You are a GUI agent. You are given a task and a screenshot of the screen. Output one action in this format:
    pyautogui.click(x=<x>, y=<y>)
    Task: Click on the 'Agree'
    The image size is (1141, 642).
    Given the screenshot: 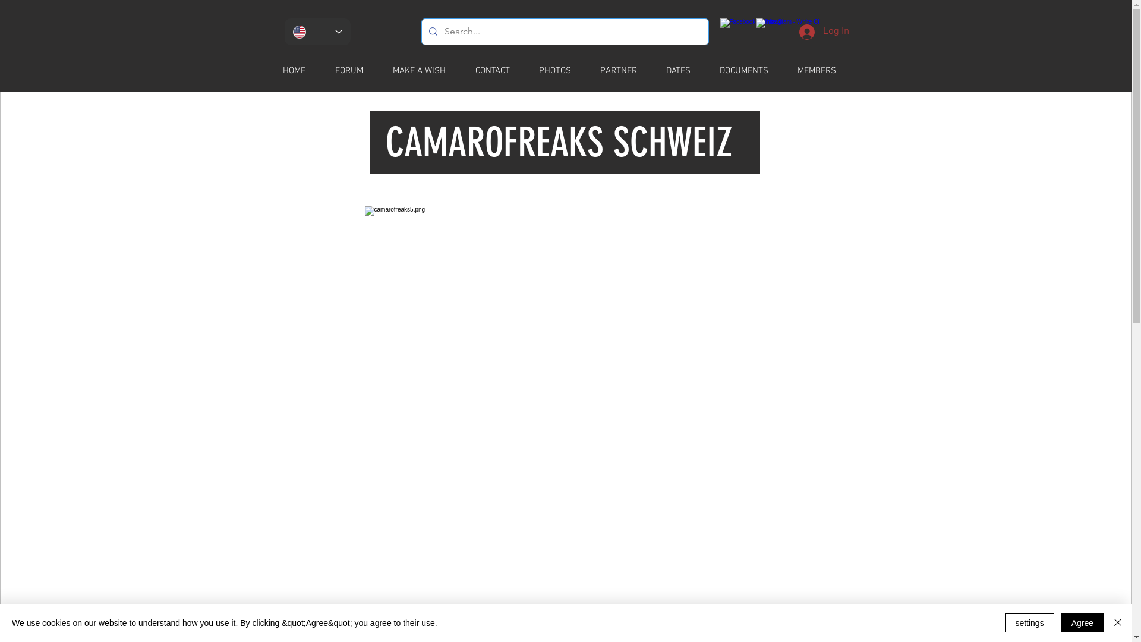 What is the action you would take?
    pyautogui.click(x=1082, y=622)
    